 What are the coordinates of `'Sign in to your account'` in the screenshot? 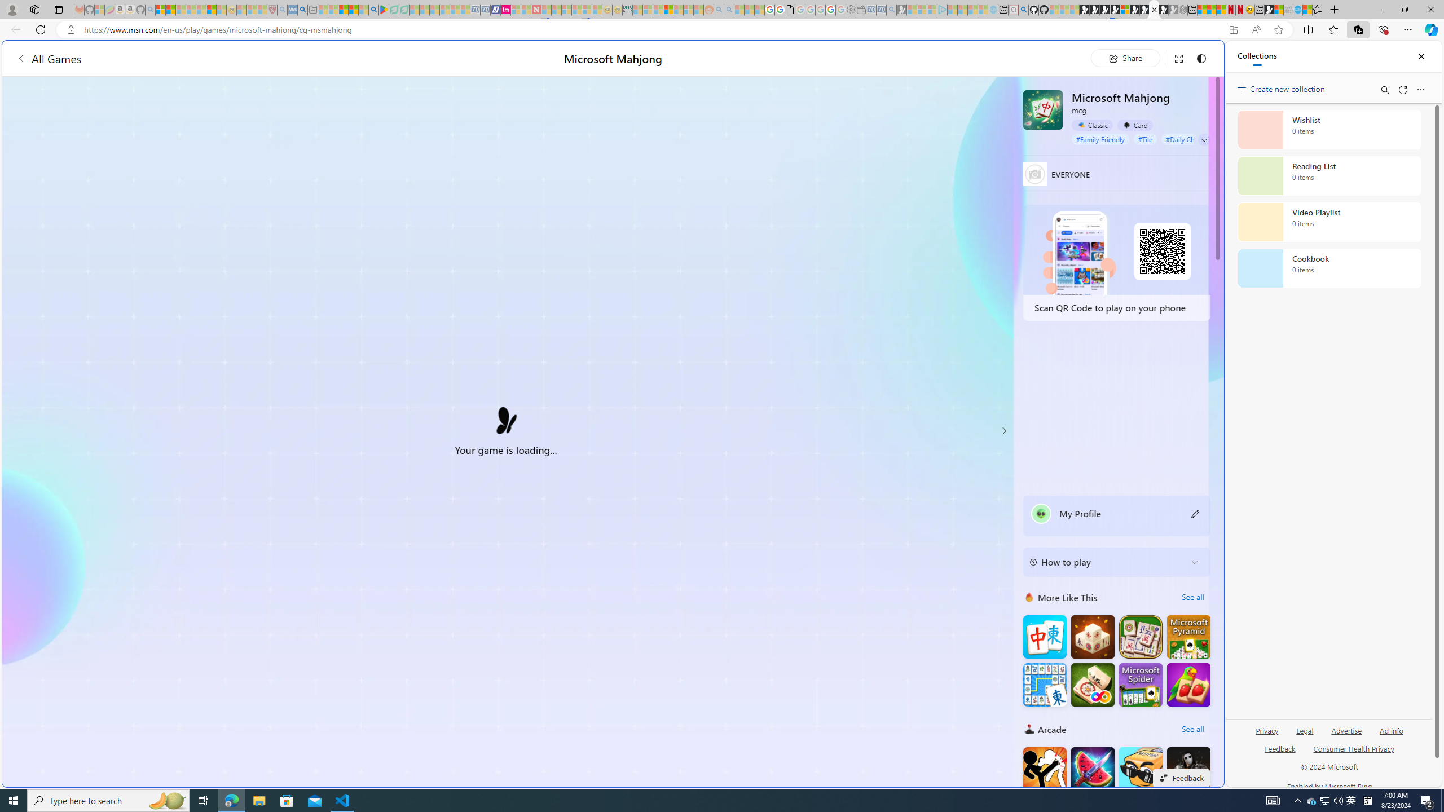 It's located at (1124, 9).